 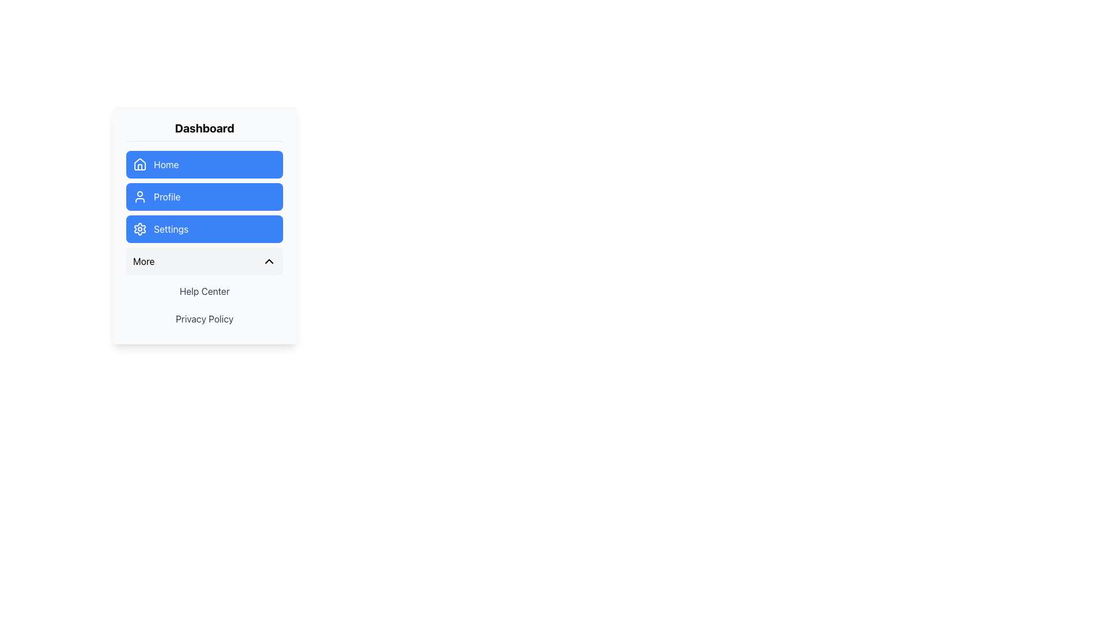 I want to click on the hyperlink under the 'Help Center' menu, so click(x=205, y=319).